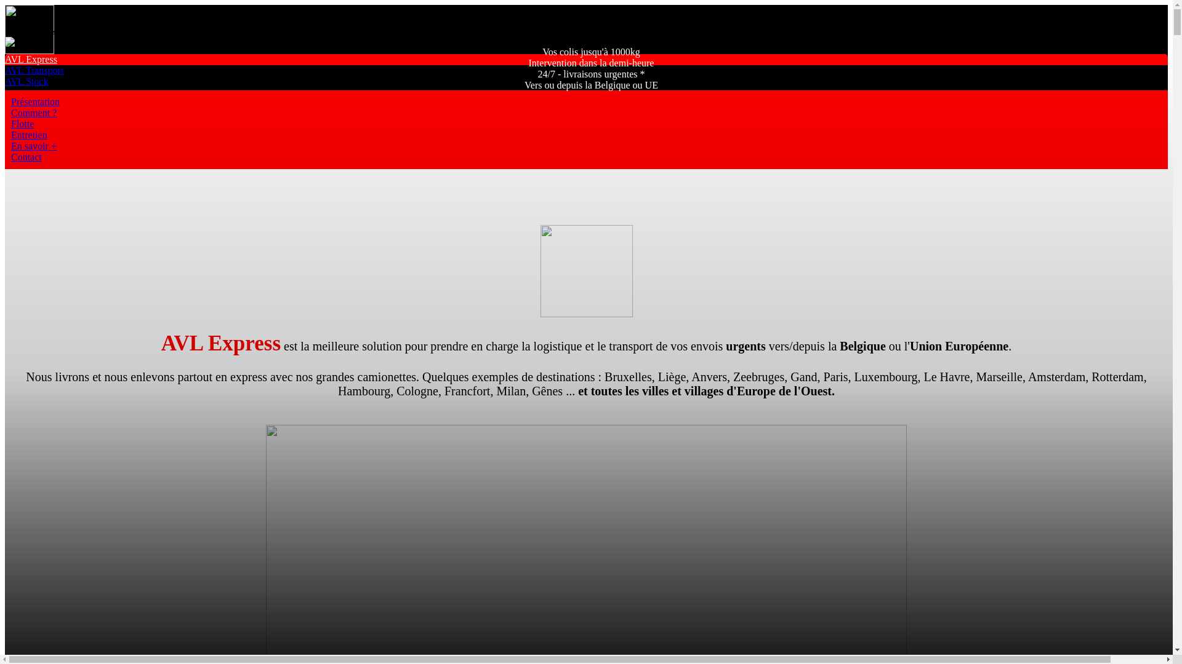  Describe the element at coordinates (33, 145) in the screenshot. I see `'En savoir +'` at that location.